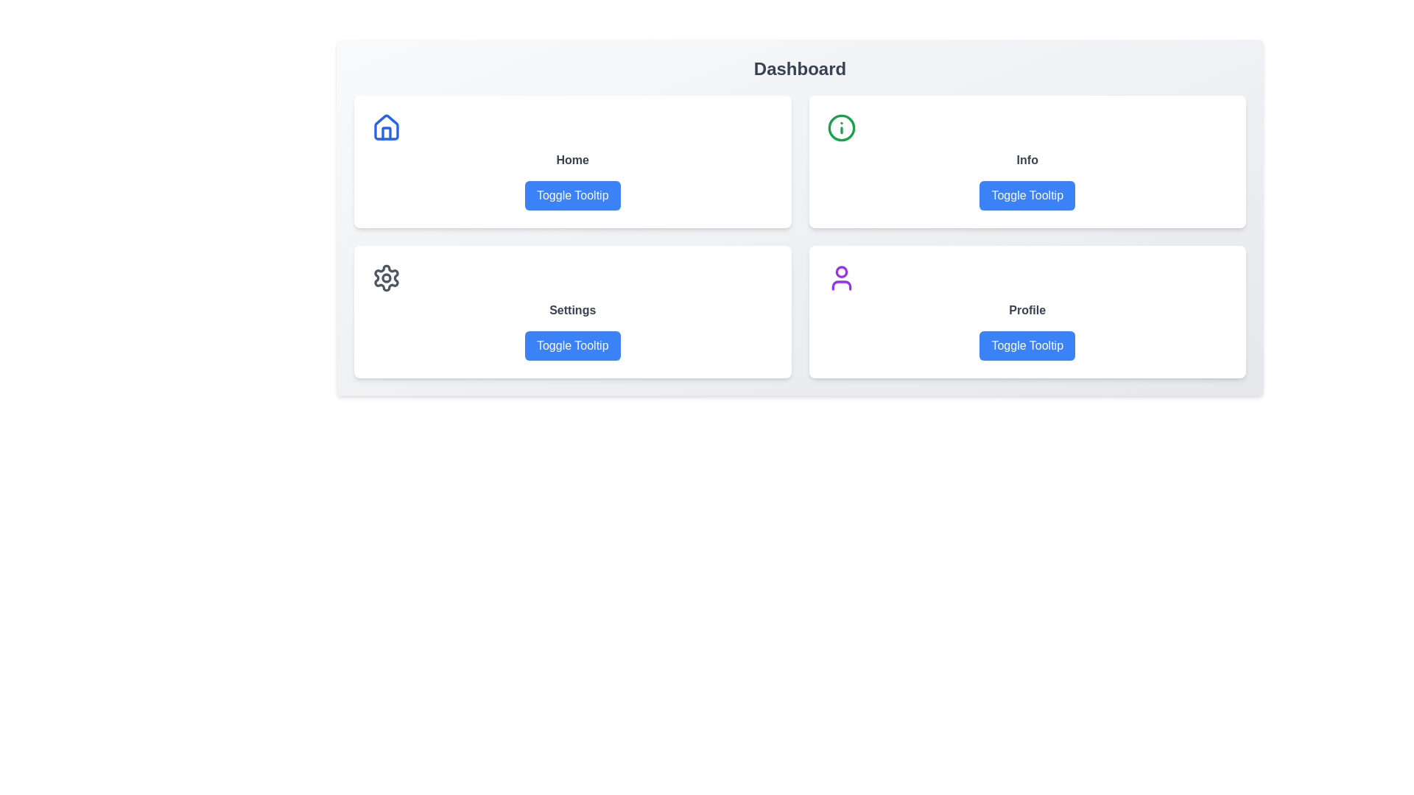  Describe the element at coordinates (841, 127) in the screenshot. I see `the green circular icon representing informational content located in the 'Info' section, which is positioned to the right of the 'Home' section and above the 'Profile' section` at that location.